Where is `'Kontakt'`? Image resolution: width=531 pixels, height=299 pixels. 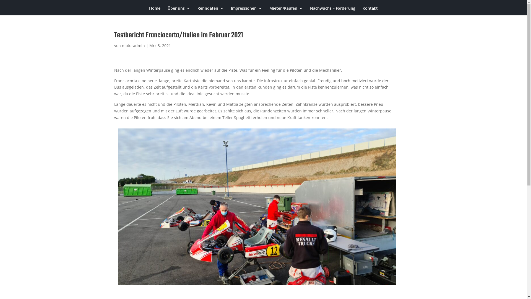
'Kontakt' is located at coordinates (370, 11).